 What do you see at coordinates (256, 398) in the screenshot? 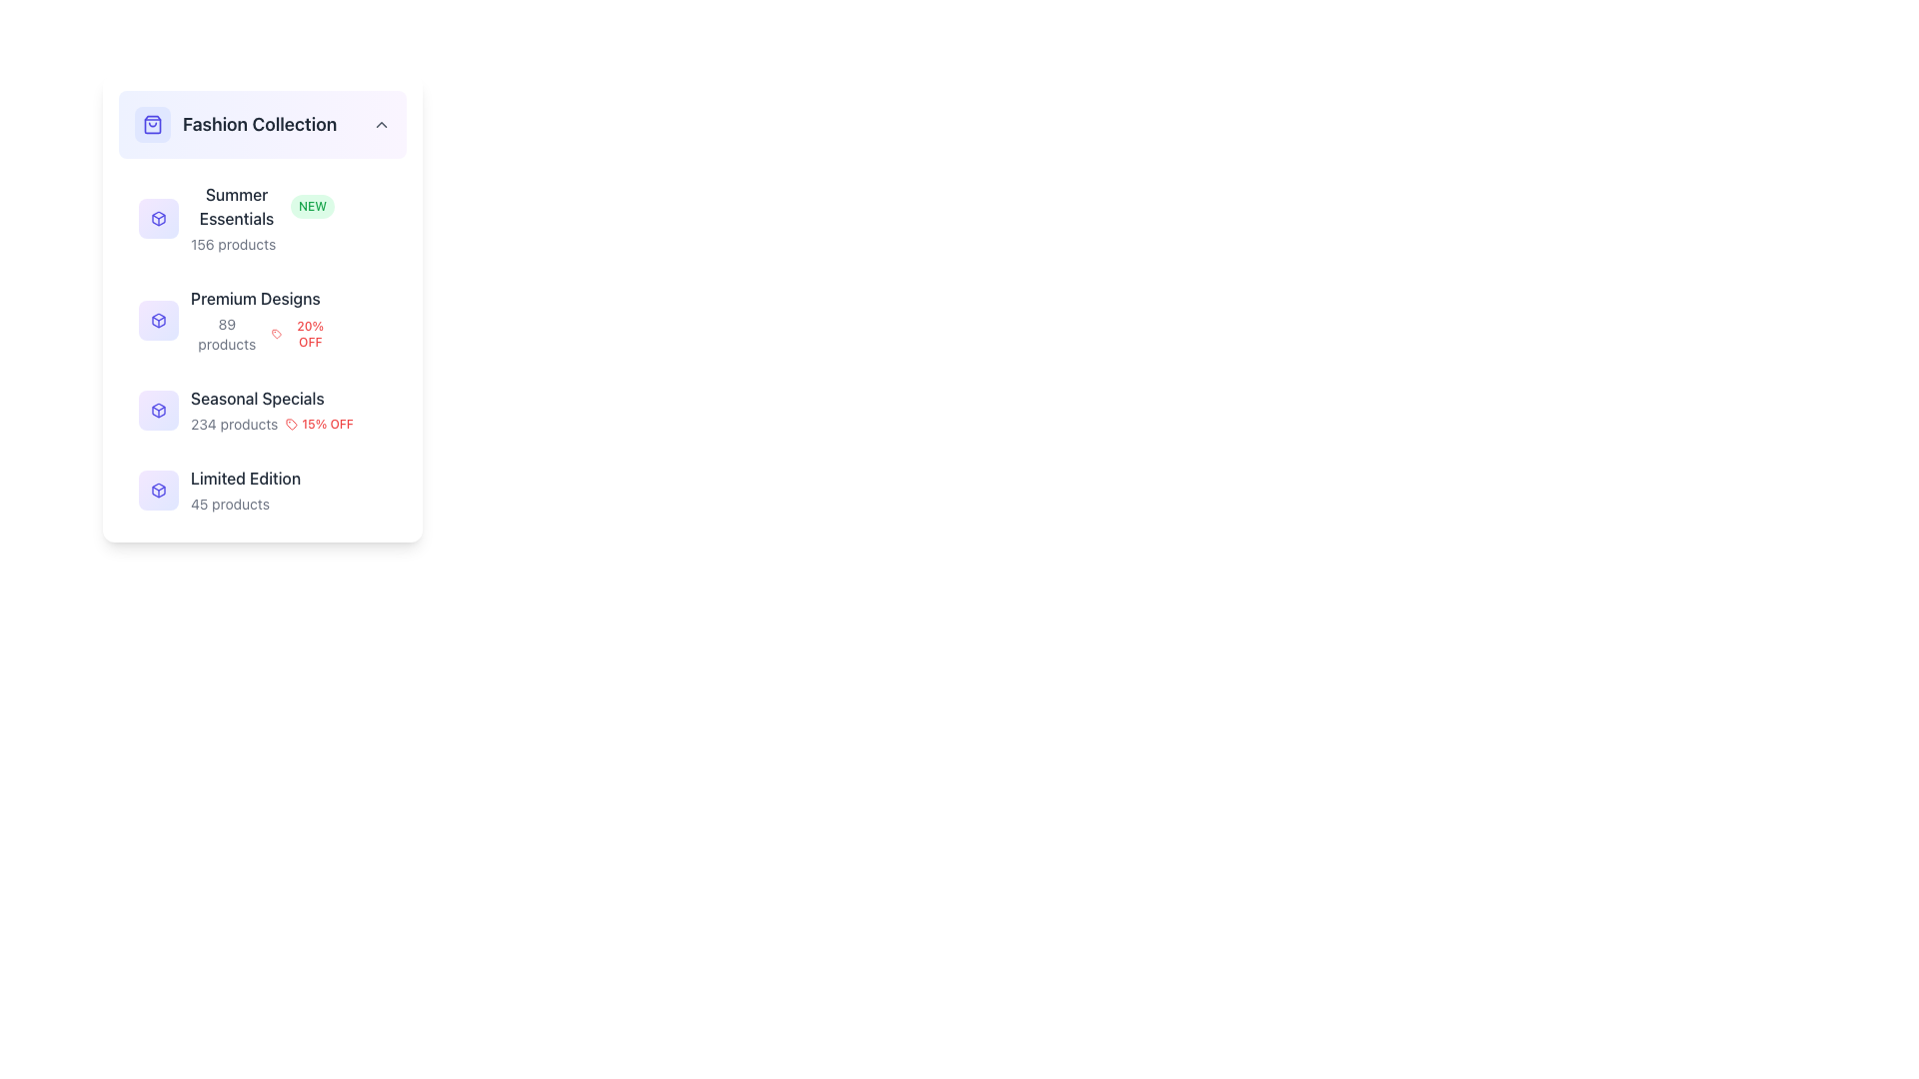
I see `the text label reading 'Seasonal Specials', which is the third item in the vertical list of the 'Fashion Collection' group, located between 'Premium Designs' and 'Limited Edition'` at bounding box center [256, 398].